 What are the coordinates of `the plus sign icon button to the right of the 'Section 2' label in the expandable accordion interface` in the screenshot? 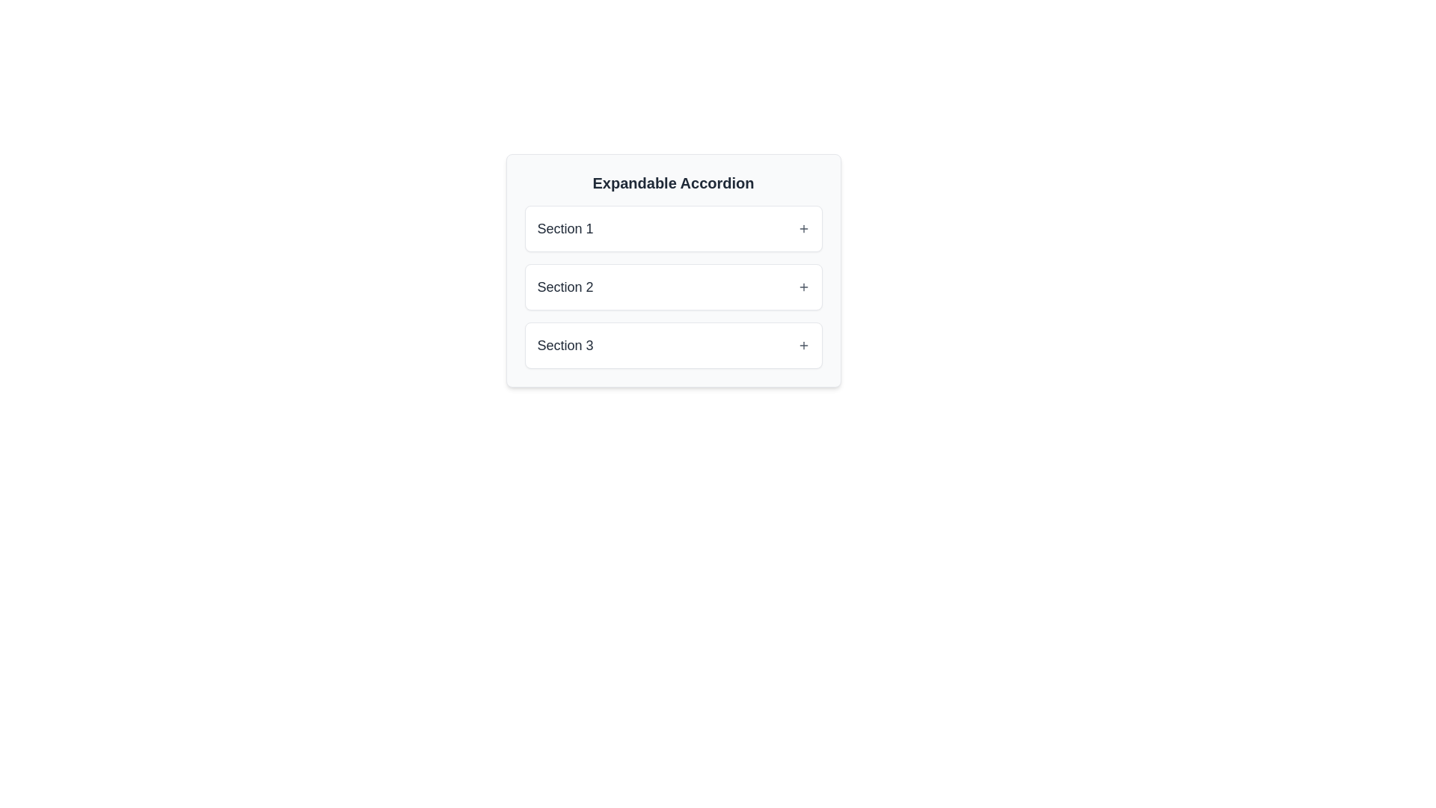 It's located at (803, 287).